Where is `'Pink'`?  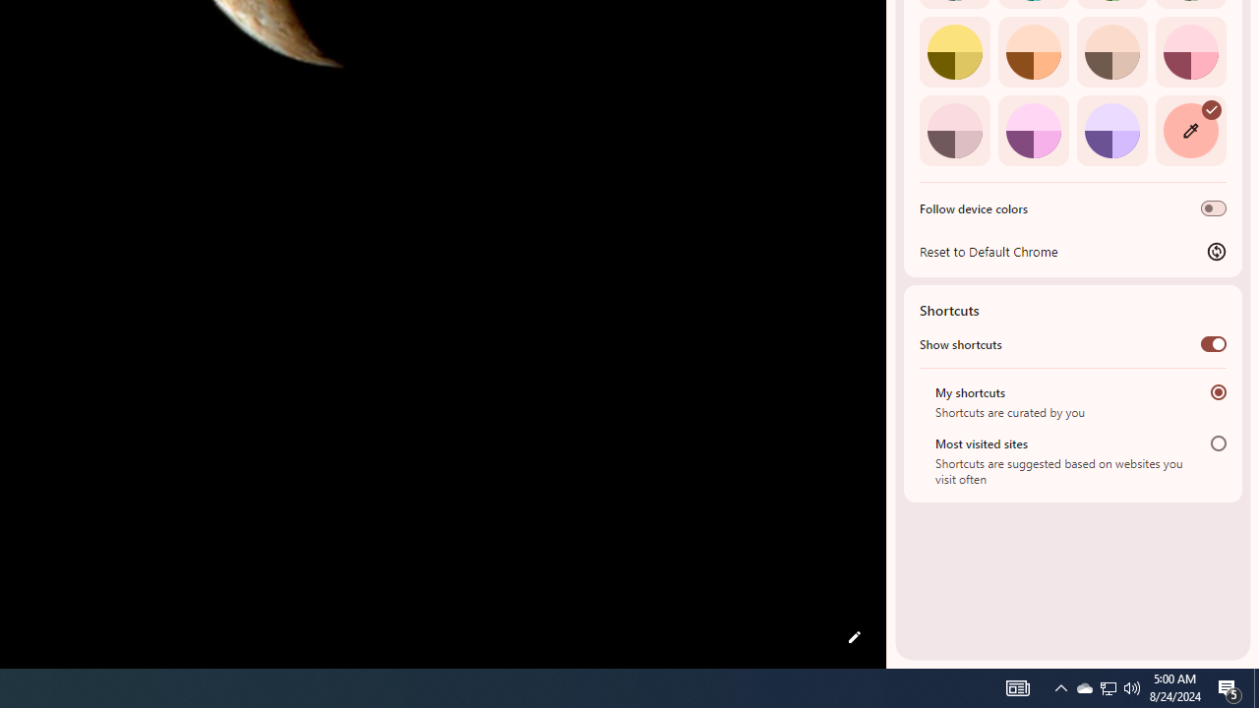
'Pink' is located at coordinates (954, 130).